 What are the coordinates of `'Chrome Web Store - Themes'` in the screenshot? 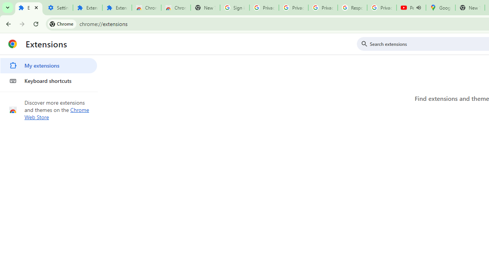 It's located at (175, 8).